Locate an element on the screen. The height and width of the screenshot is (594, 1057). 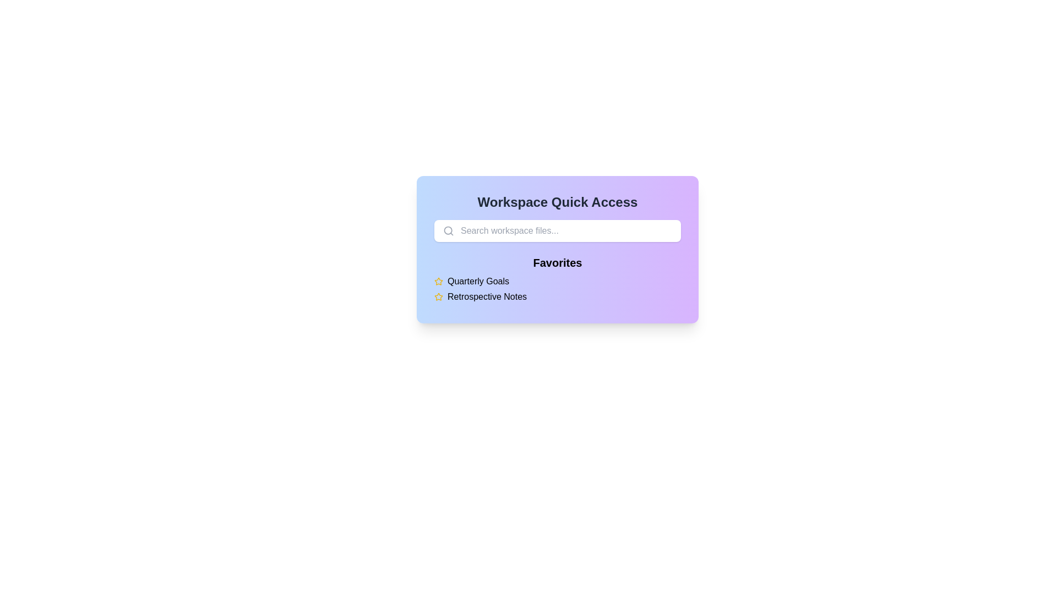
the star icon located to the left of the text 'Retrospective Notes' in the 'Favorites' section to interact with it is located at coordinates (438, 297).